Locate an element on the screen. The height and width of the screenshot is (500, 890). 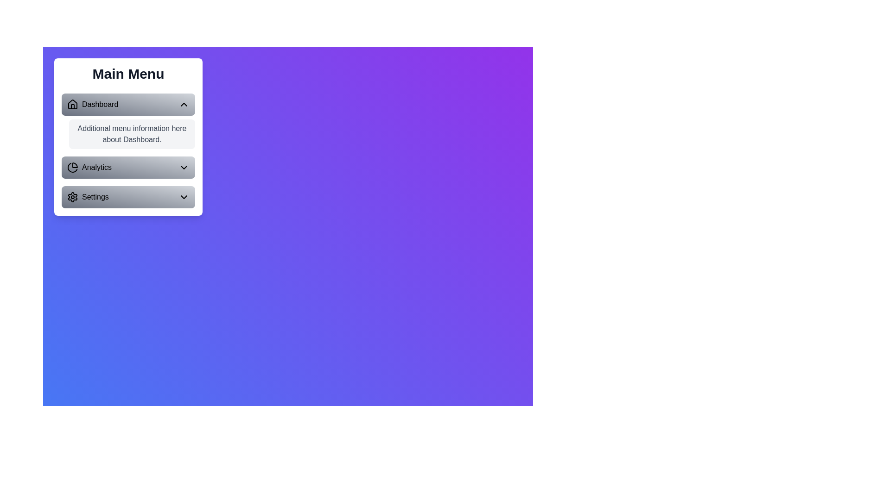
the pie chart icon is located at coordinates (72, 168).